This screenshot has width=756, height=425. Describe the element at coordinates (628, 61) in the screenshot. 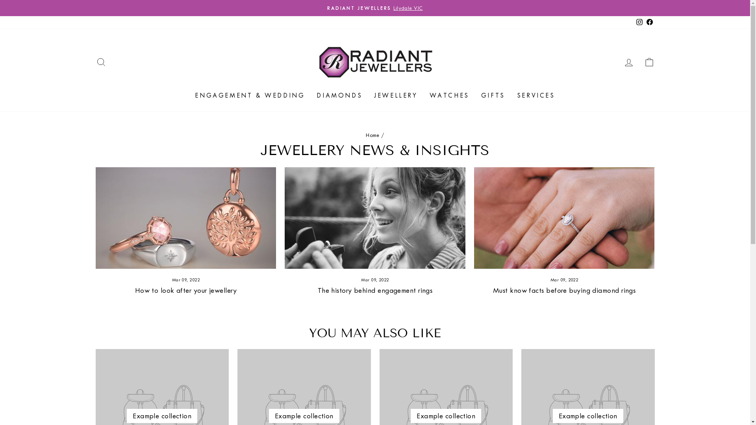

I see `'LOG IN'` at that location.